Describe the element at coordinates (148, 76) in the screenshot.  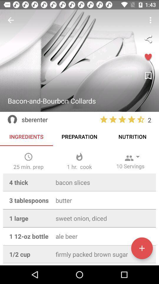
I see `the bookmark icon` at that location.